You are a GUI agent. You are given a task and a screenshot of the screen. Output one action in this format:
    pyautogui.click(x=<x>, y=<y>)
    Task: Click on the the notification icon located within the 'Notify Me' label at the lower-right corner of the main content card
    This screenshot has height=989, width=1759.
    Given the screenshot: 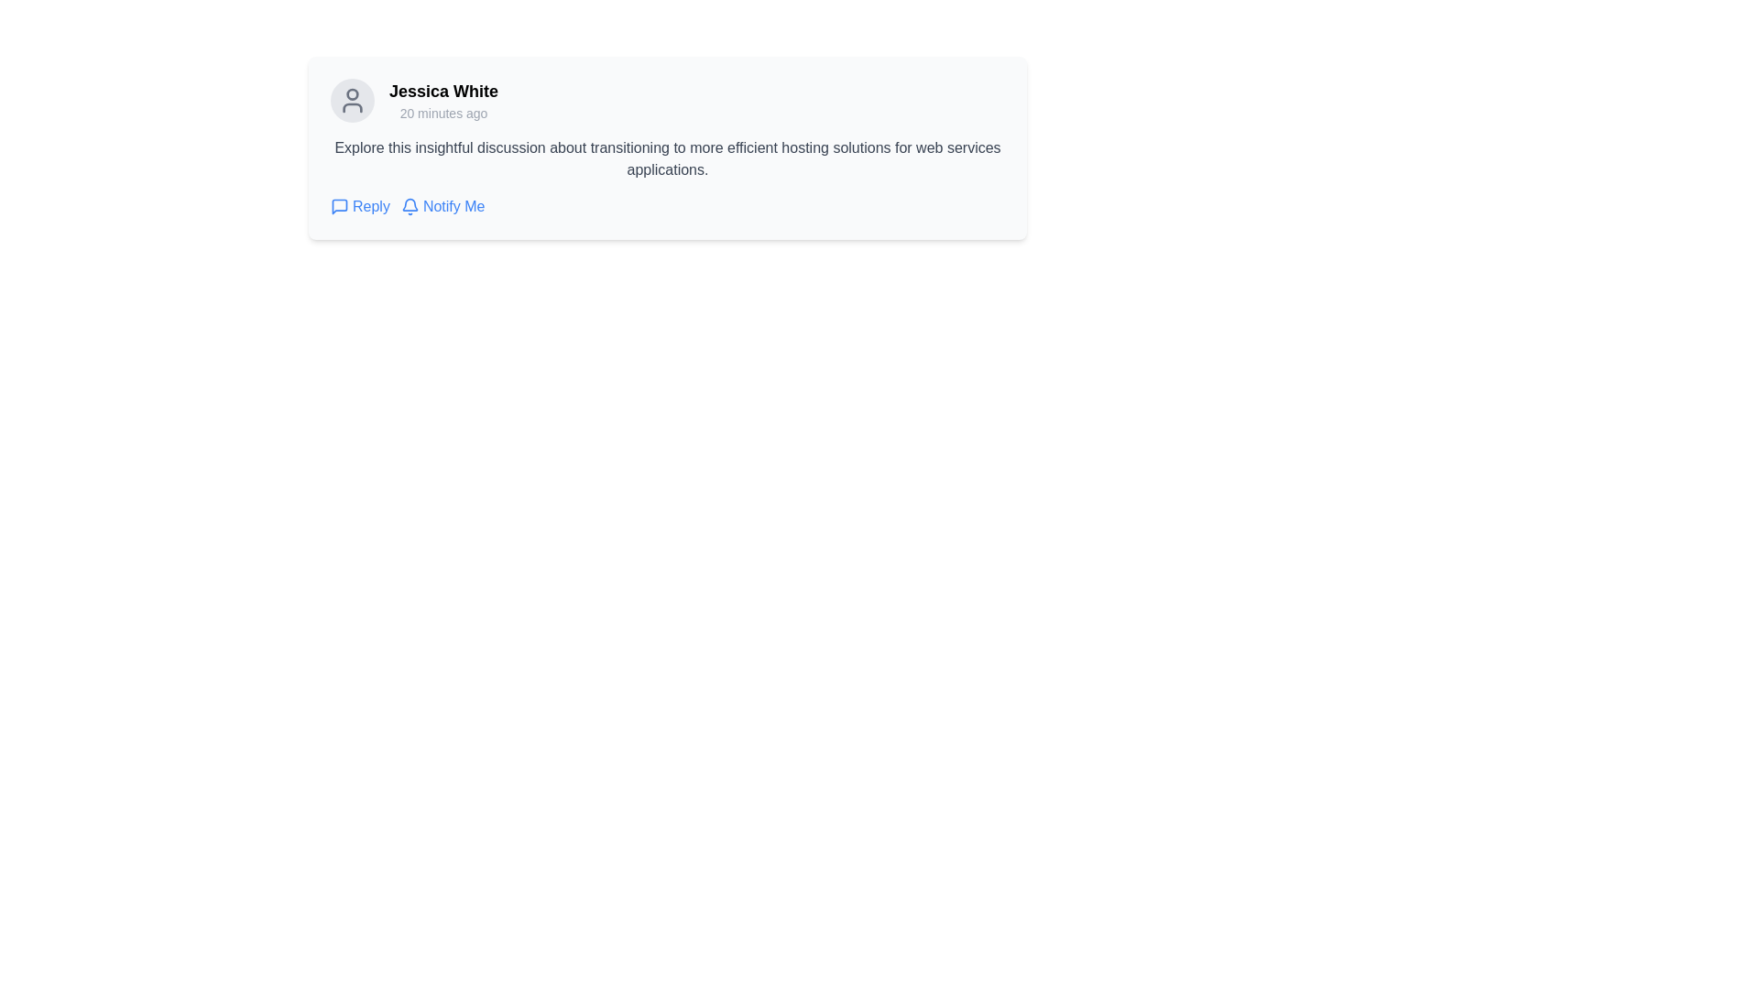 What is the action you would take?
    pyautogui.click(x=409, y=206)
    